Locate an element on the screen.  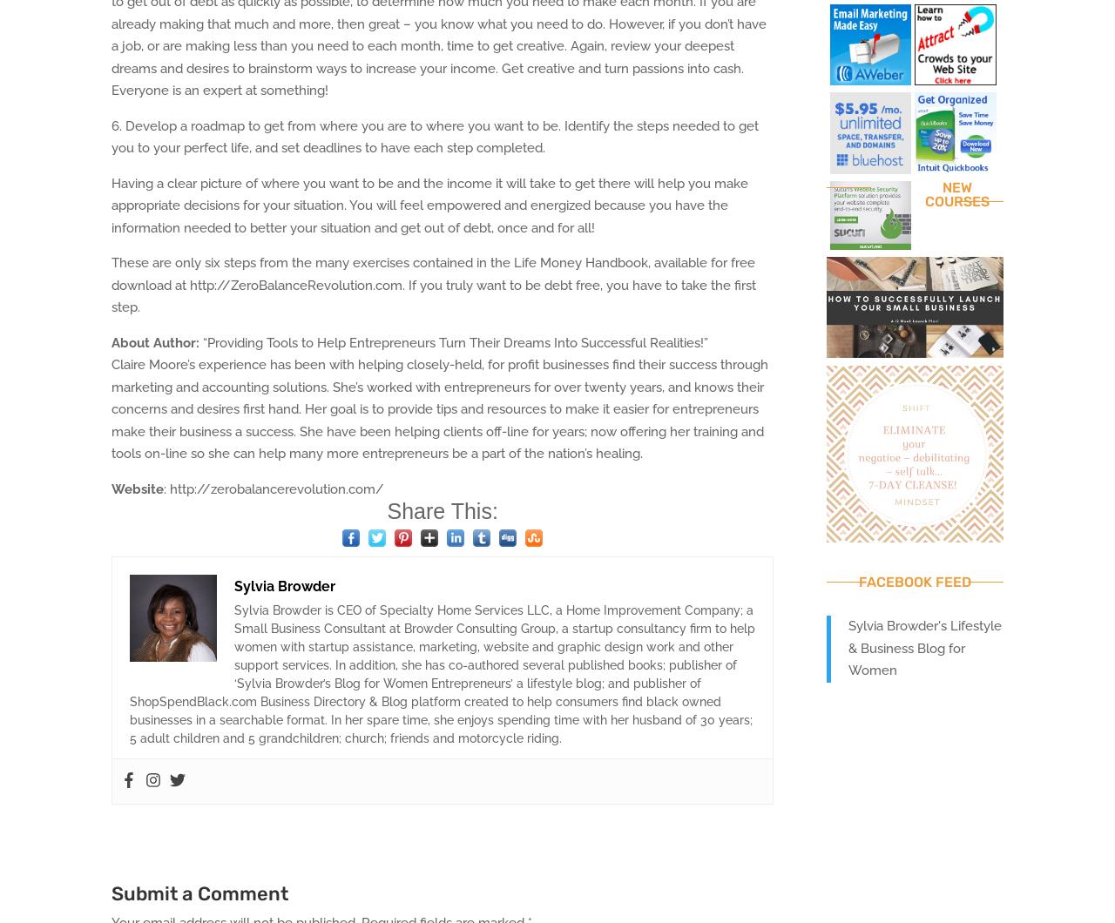
'Having a clear picture of where you want to be and the income it will take to get there will help you make appropriate decisions for your situation. You will feel empowered and energized because you have the information needed to better your situation and get out of debt, once and for all!' is located at coordinates (429, 204).